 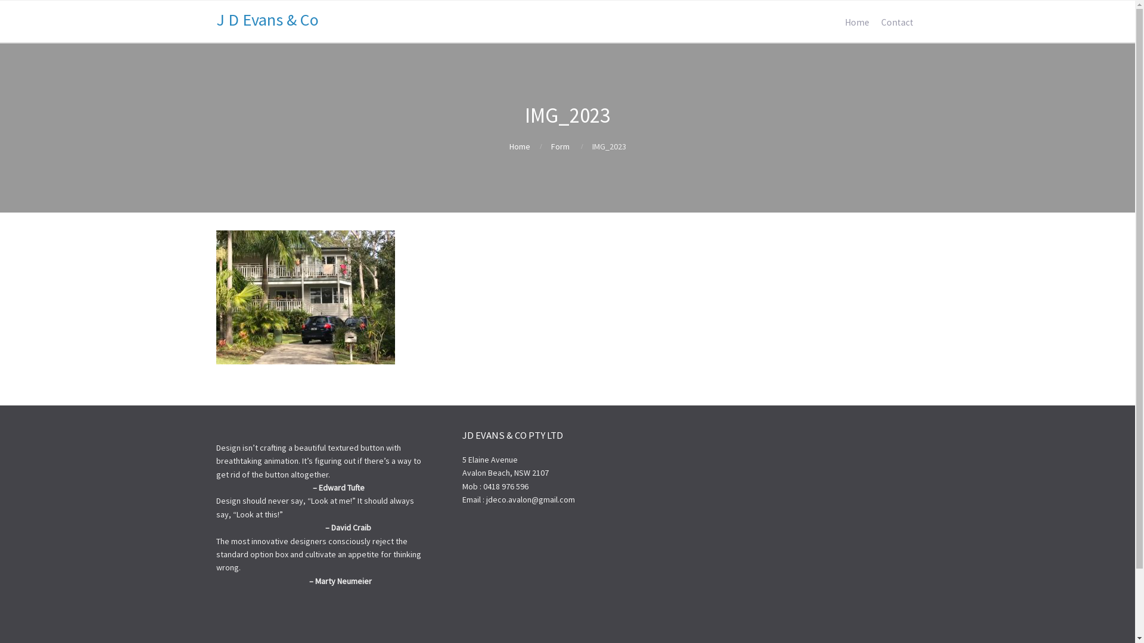 I want to click on 'J D Evans & Co', so click(x=266, y=20).